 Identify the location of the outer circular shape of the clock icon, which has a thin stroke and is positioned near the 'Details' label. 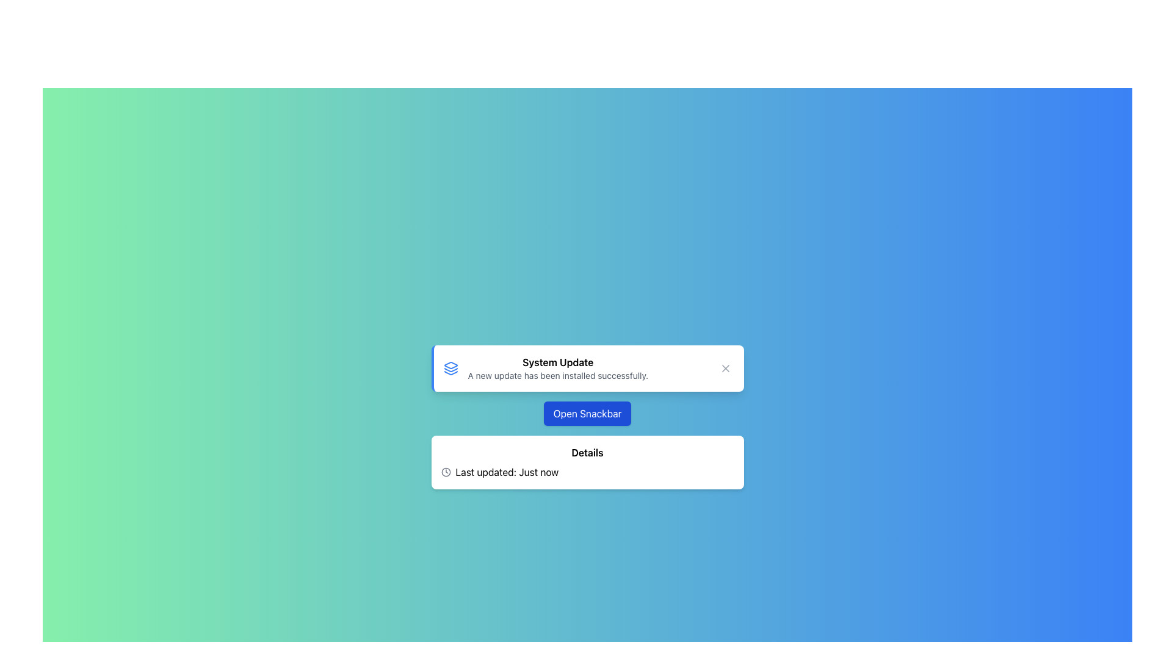
(445, 472).